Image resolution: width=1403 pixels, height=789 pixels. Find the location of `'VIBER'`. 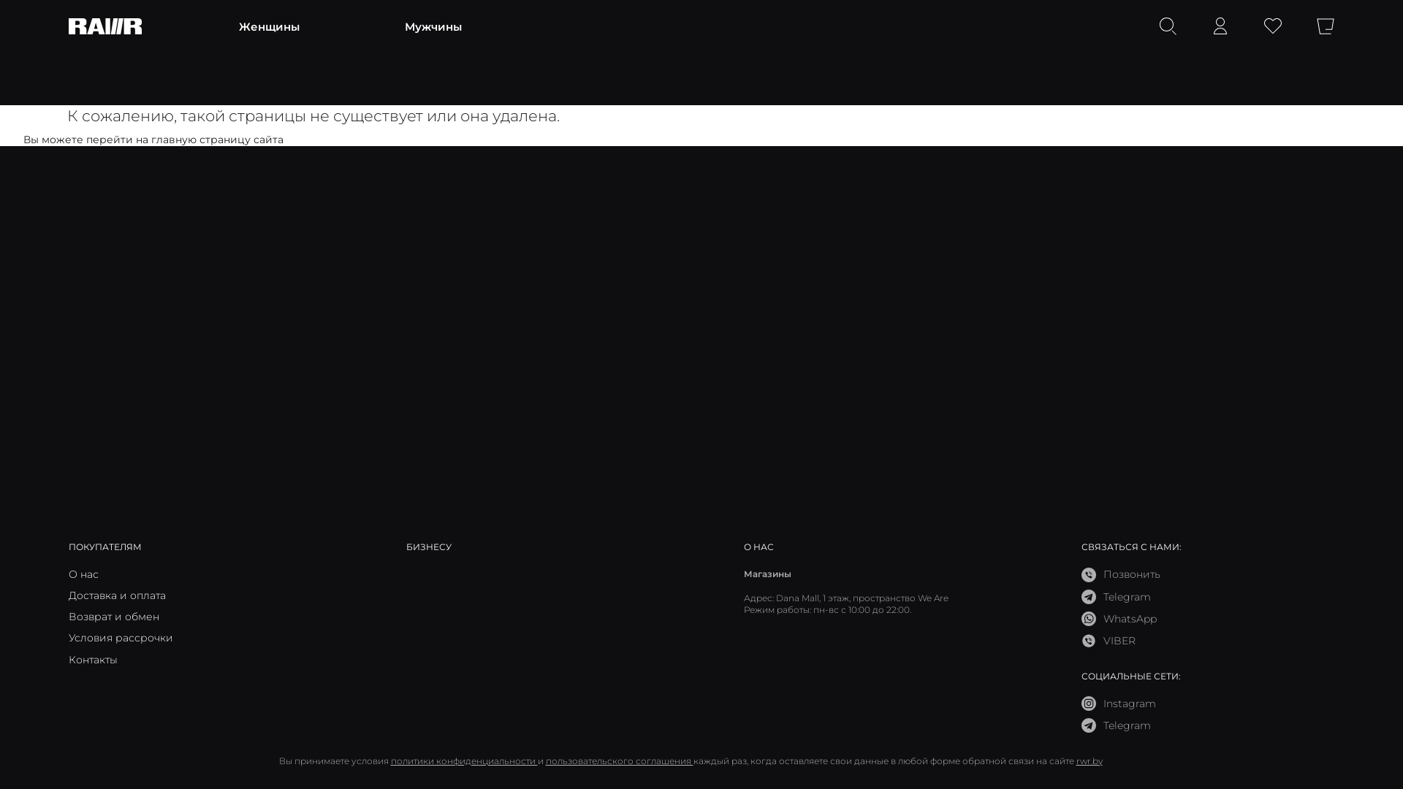

'VIBER' is located at coordinates (1108, 639).